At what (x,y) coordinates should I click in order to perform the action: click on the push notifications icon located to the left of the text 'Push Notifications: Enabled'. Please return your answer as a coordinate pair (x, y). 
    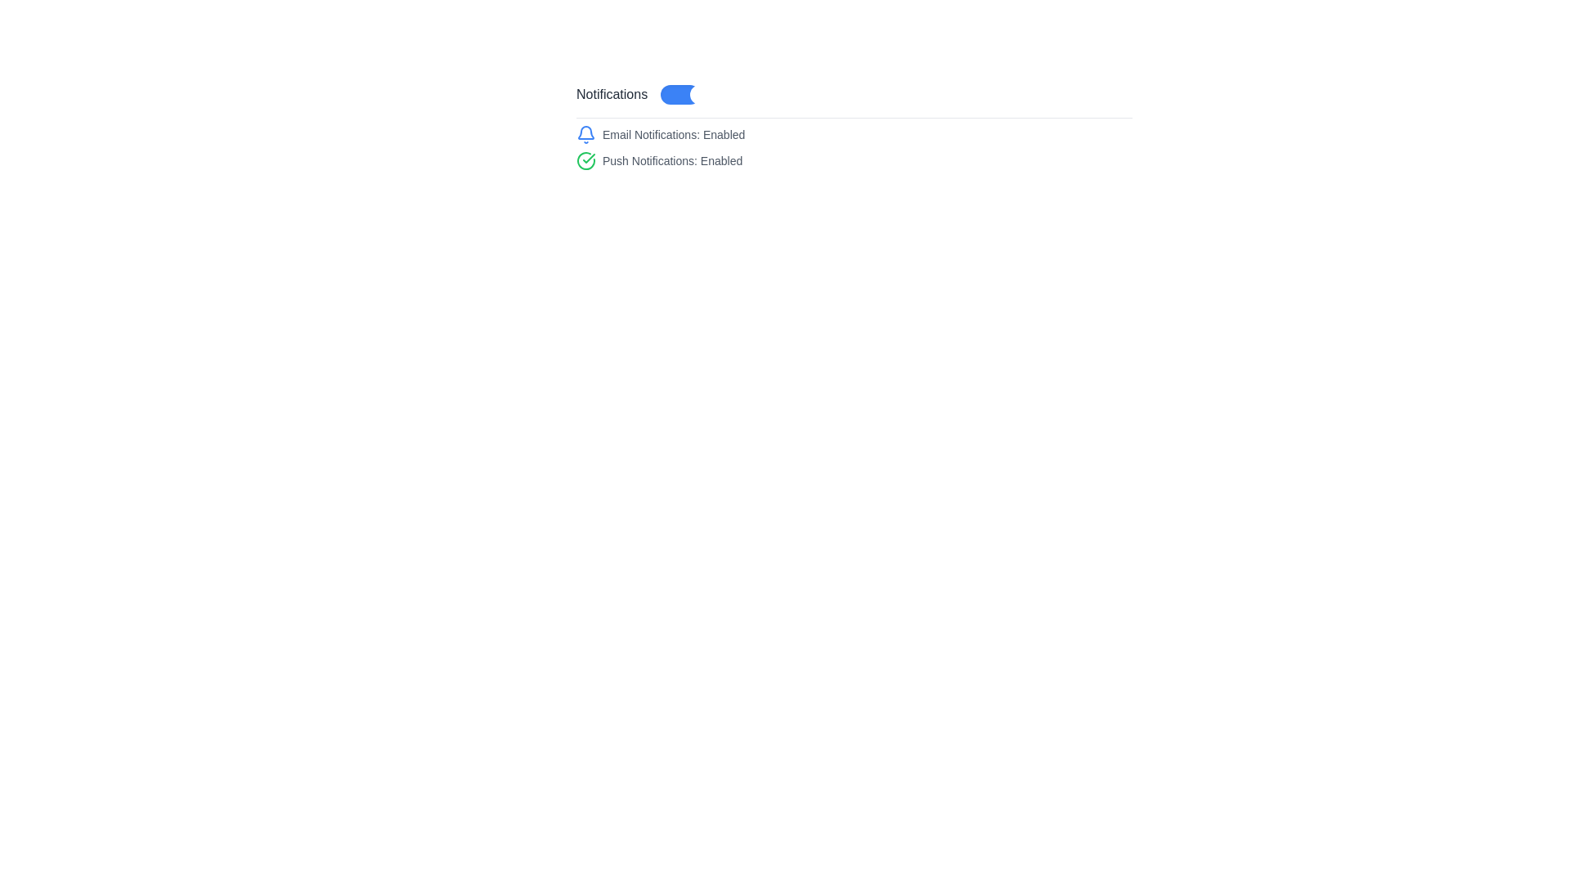
    Looking at the image, I should click on (585, 160).